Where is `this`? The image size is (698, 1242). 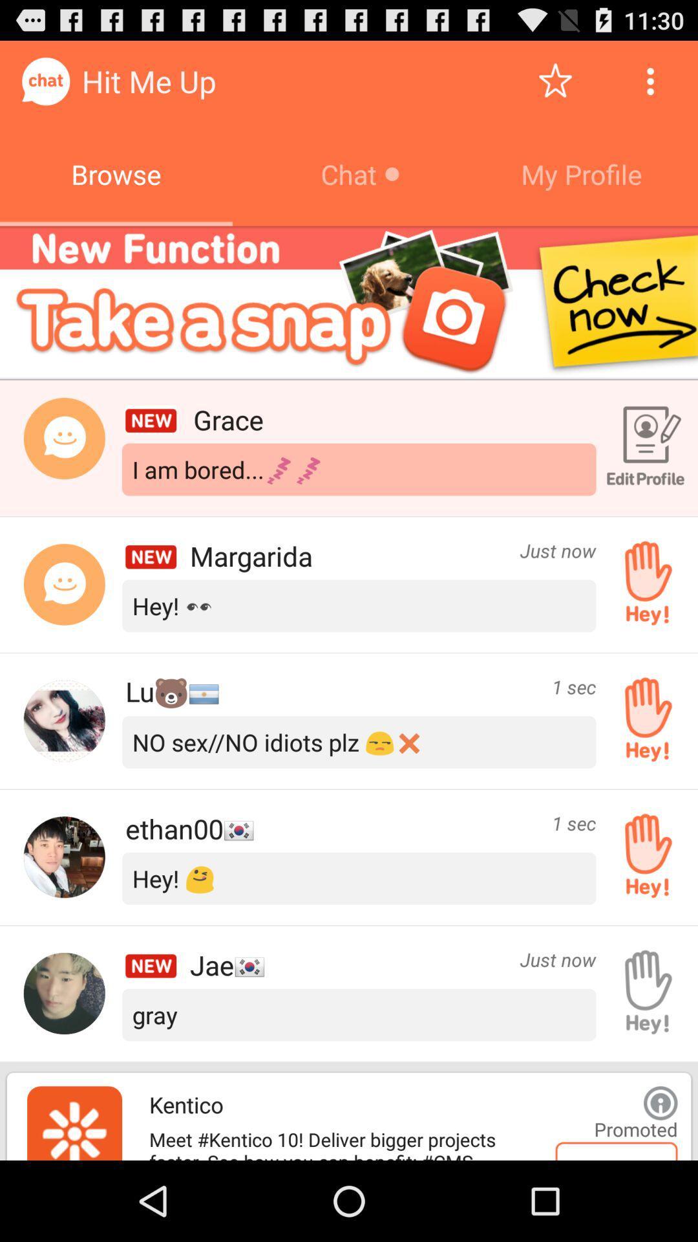 this is located at coordinates (555, 80).